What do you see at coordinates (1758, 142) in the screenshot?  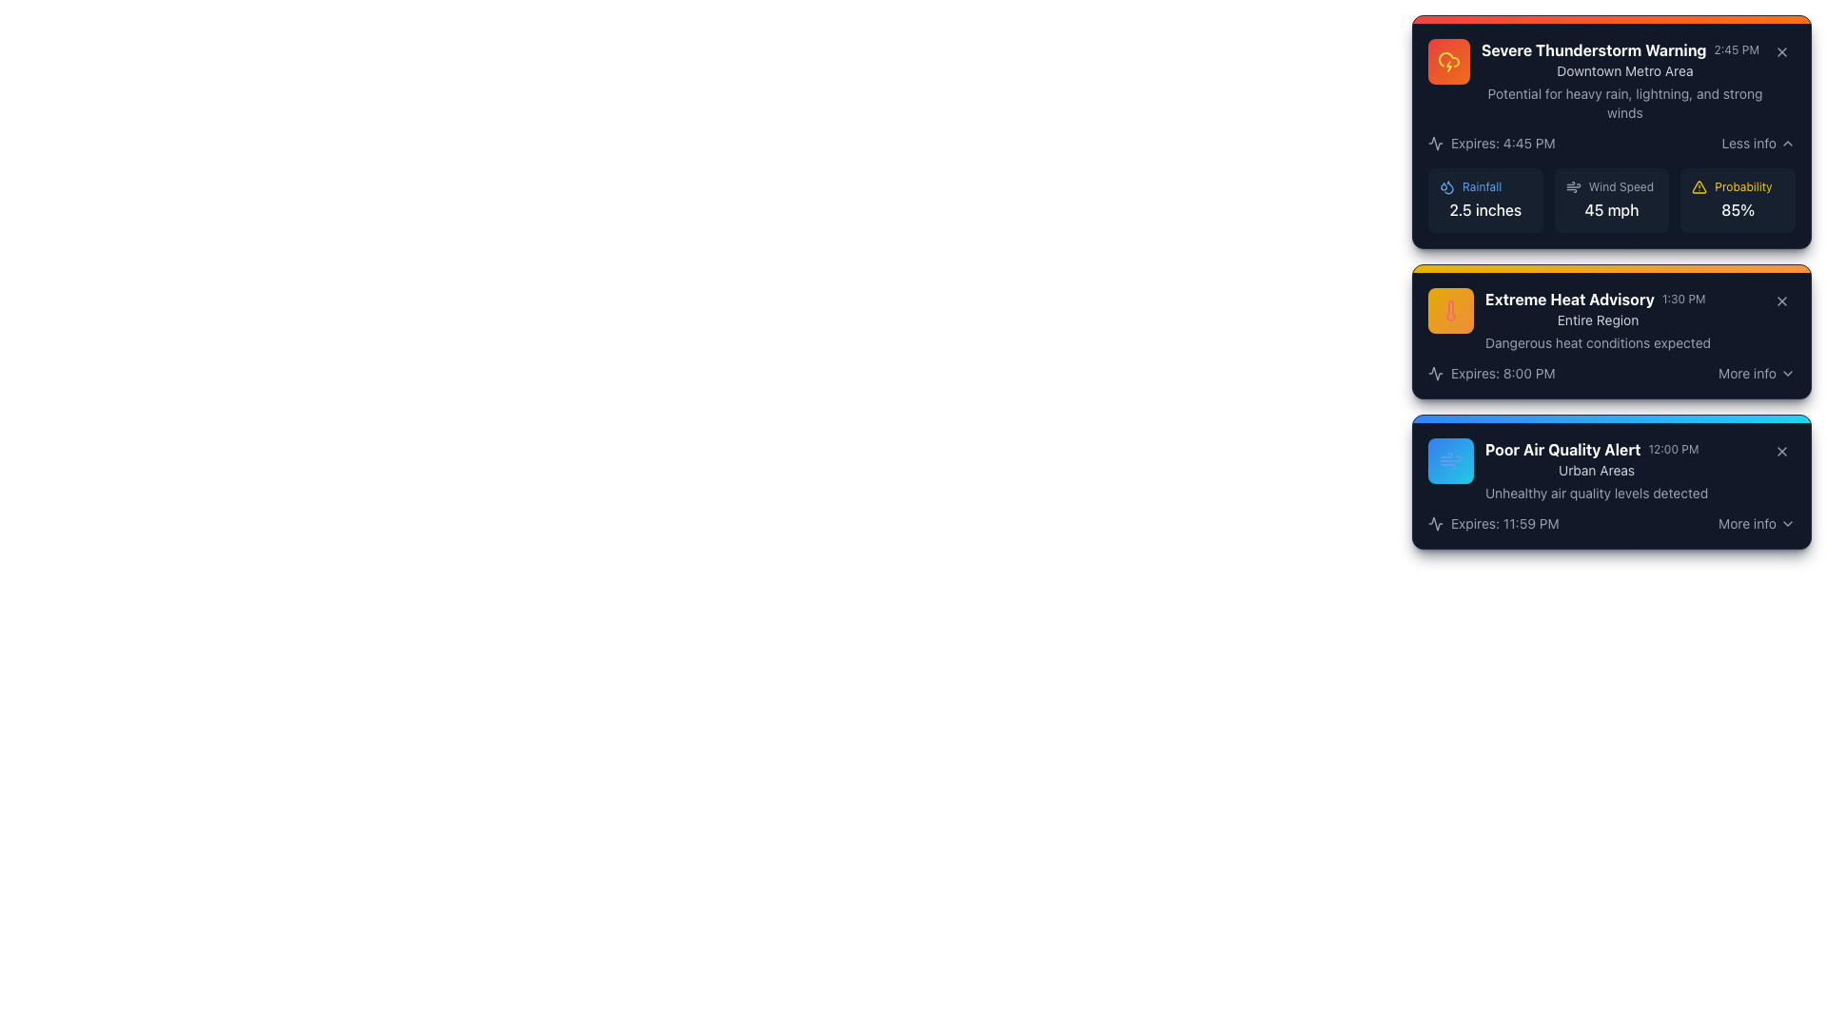 I see `the 'Less info' button with an upward-facing chevron icon located in the bottom-right corner of the uppermost notification card` at bounding box center [1758, 142].